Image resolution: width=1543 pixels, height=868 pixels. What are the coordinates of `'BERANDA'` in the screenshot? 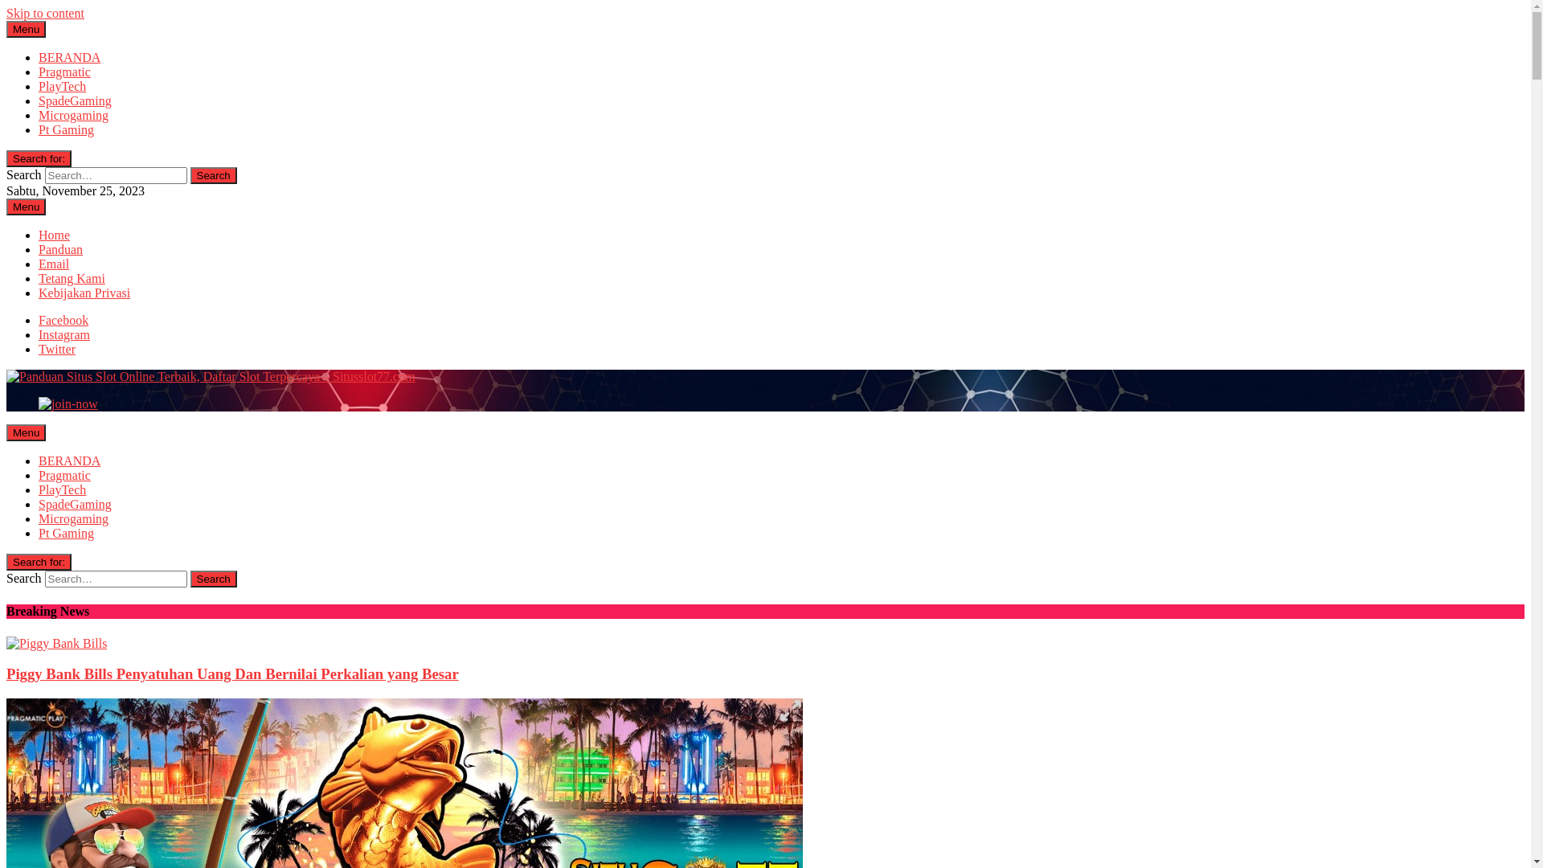 It's located at (68, 461).